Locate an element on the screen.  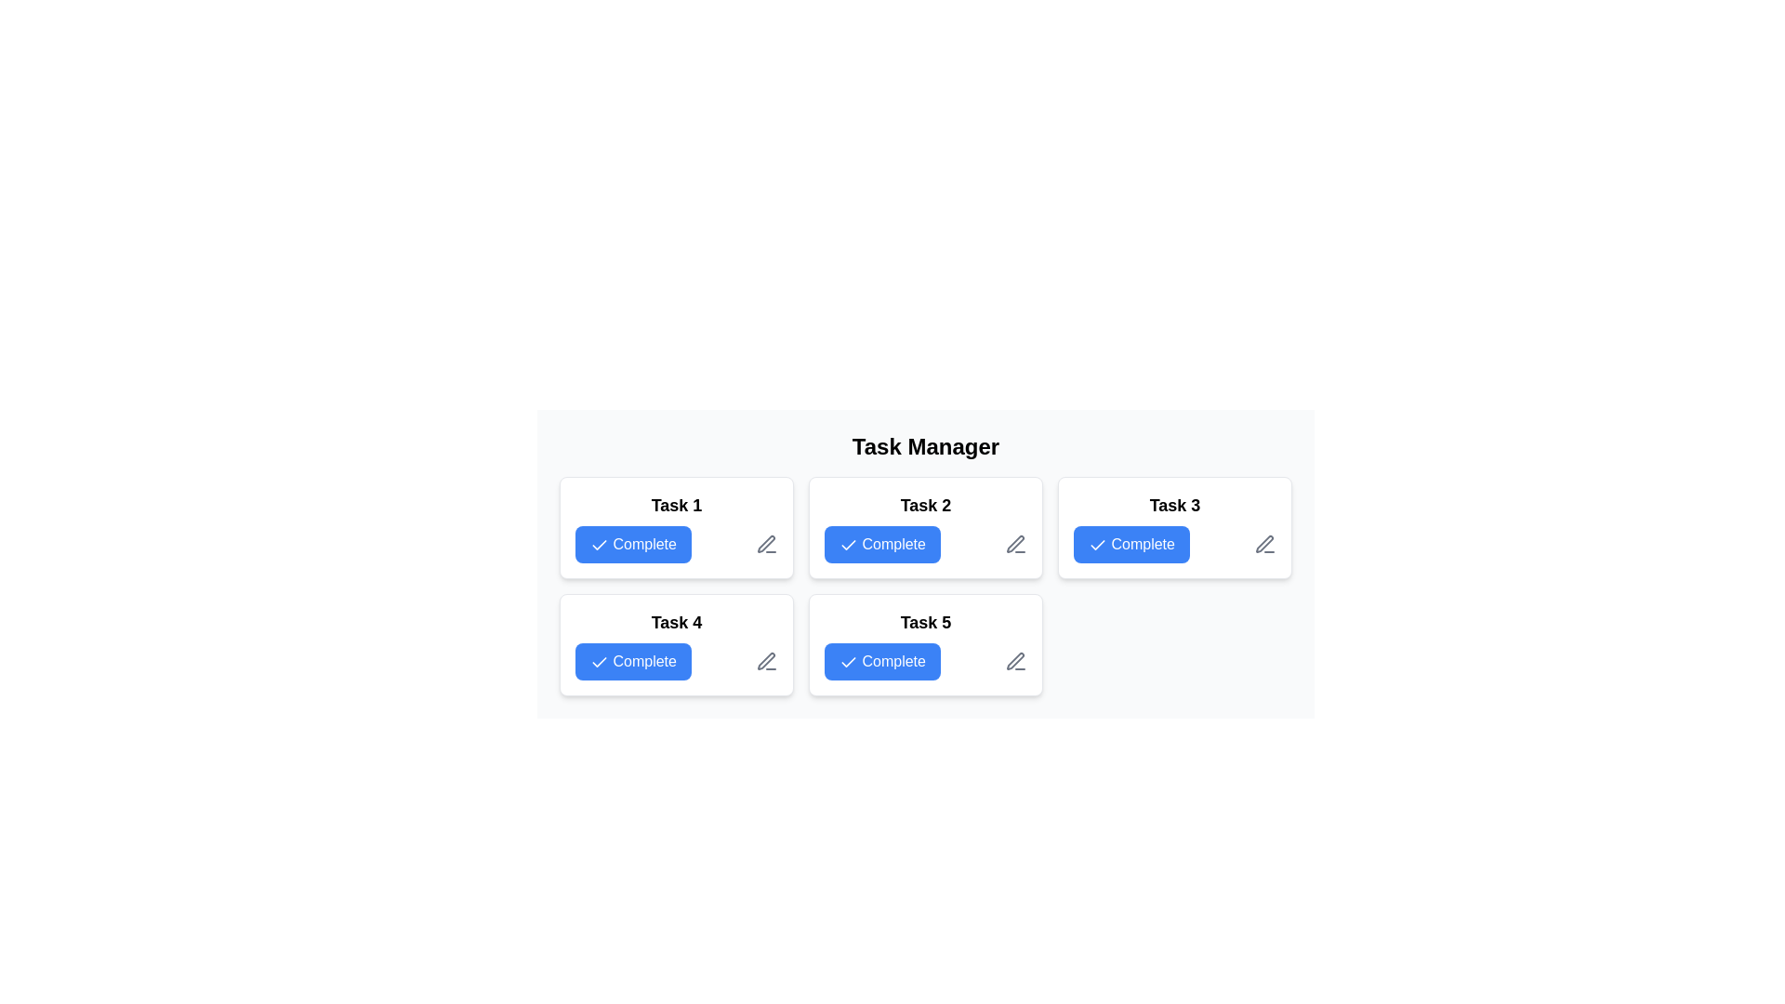
the icon button located in the bottom-right corner of the 'Task 2' card is located at coordinates (1015, 544).